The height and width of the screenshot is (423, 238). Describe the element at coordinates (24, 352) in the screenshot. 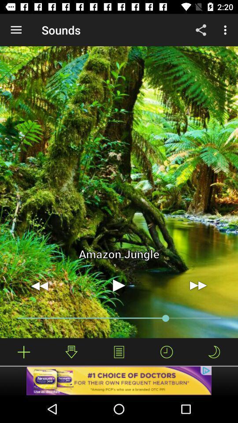

I see `the add icon` at that location.